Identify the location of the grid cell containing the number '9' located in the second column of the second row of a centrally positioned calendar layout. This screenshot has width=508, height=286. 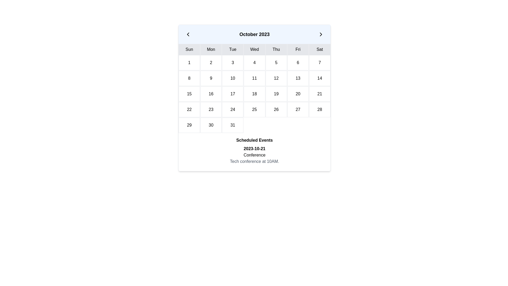
(211, 78).